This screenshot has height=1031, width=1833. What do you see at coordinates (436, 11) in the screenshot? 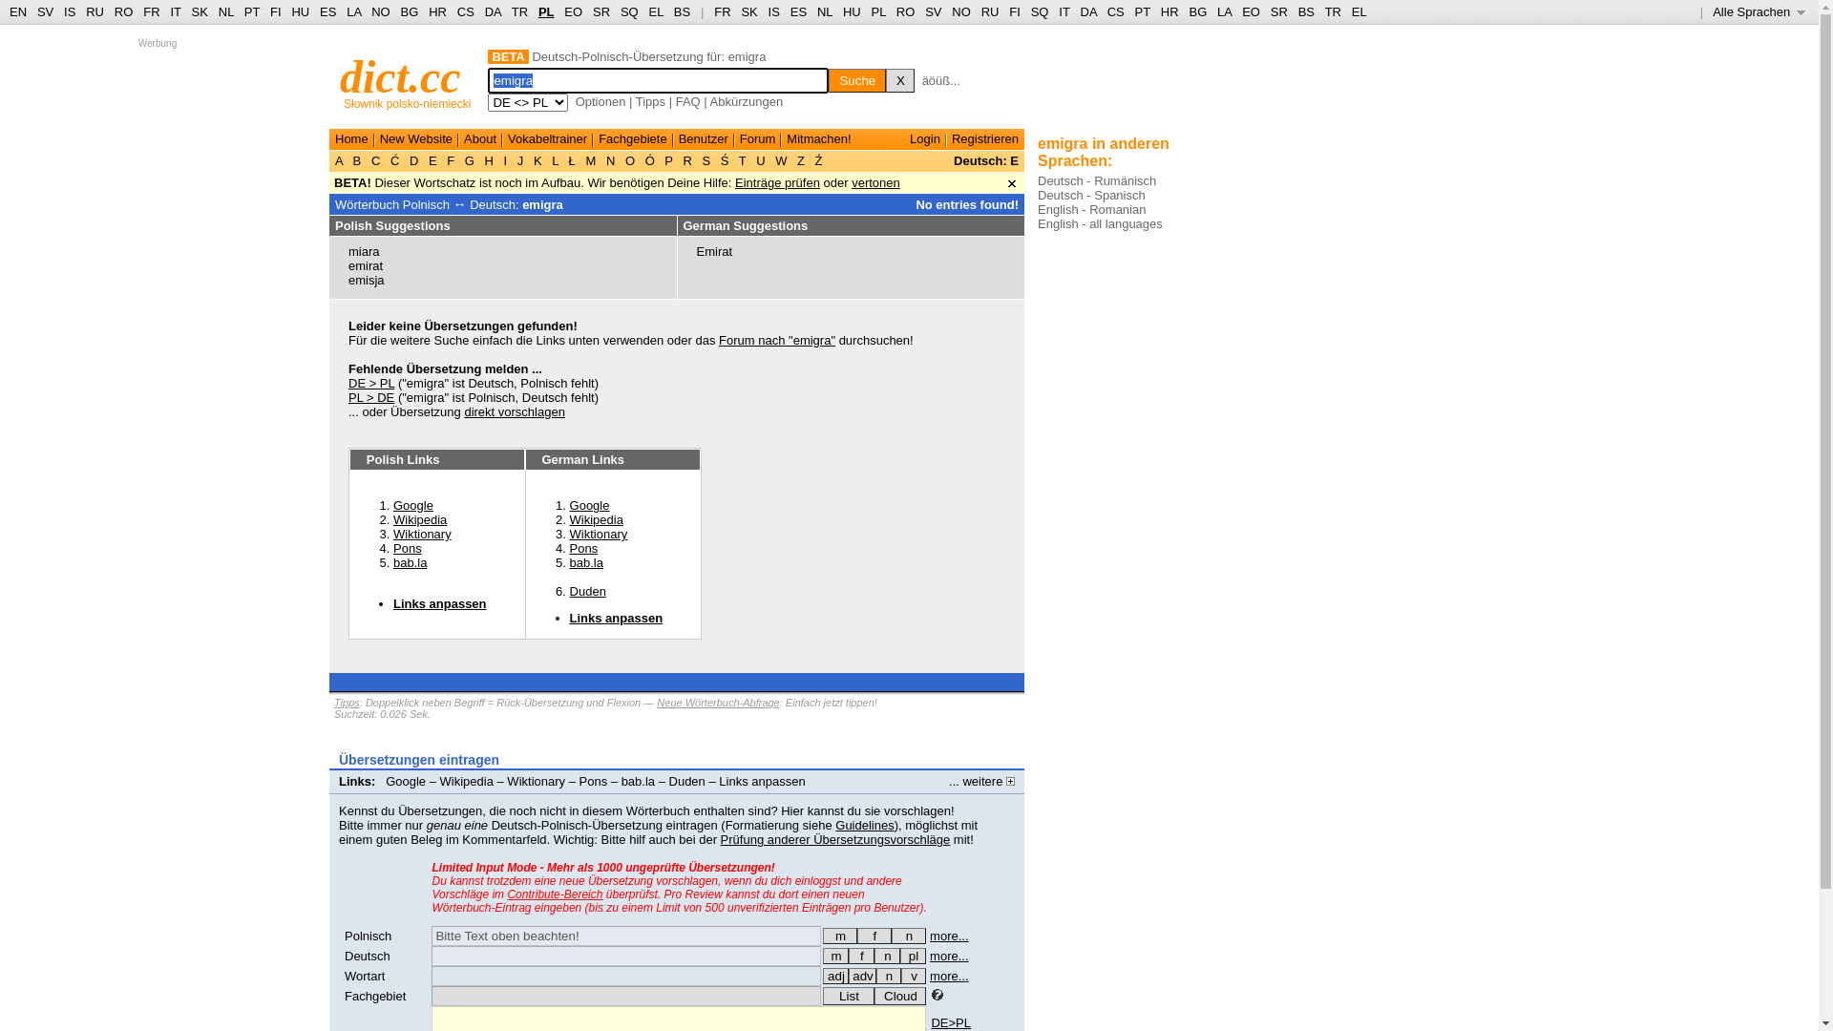
I see `'HR'` at bounding box center [436, 11].